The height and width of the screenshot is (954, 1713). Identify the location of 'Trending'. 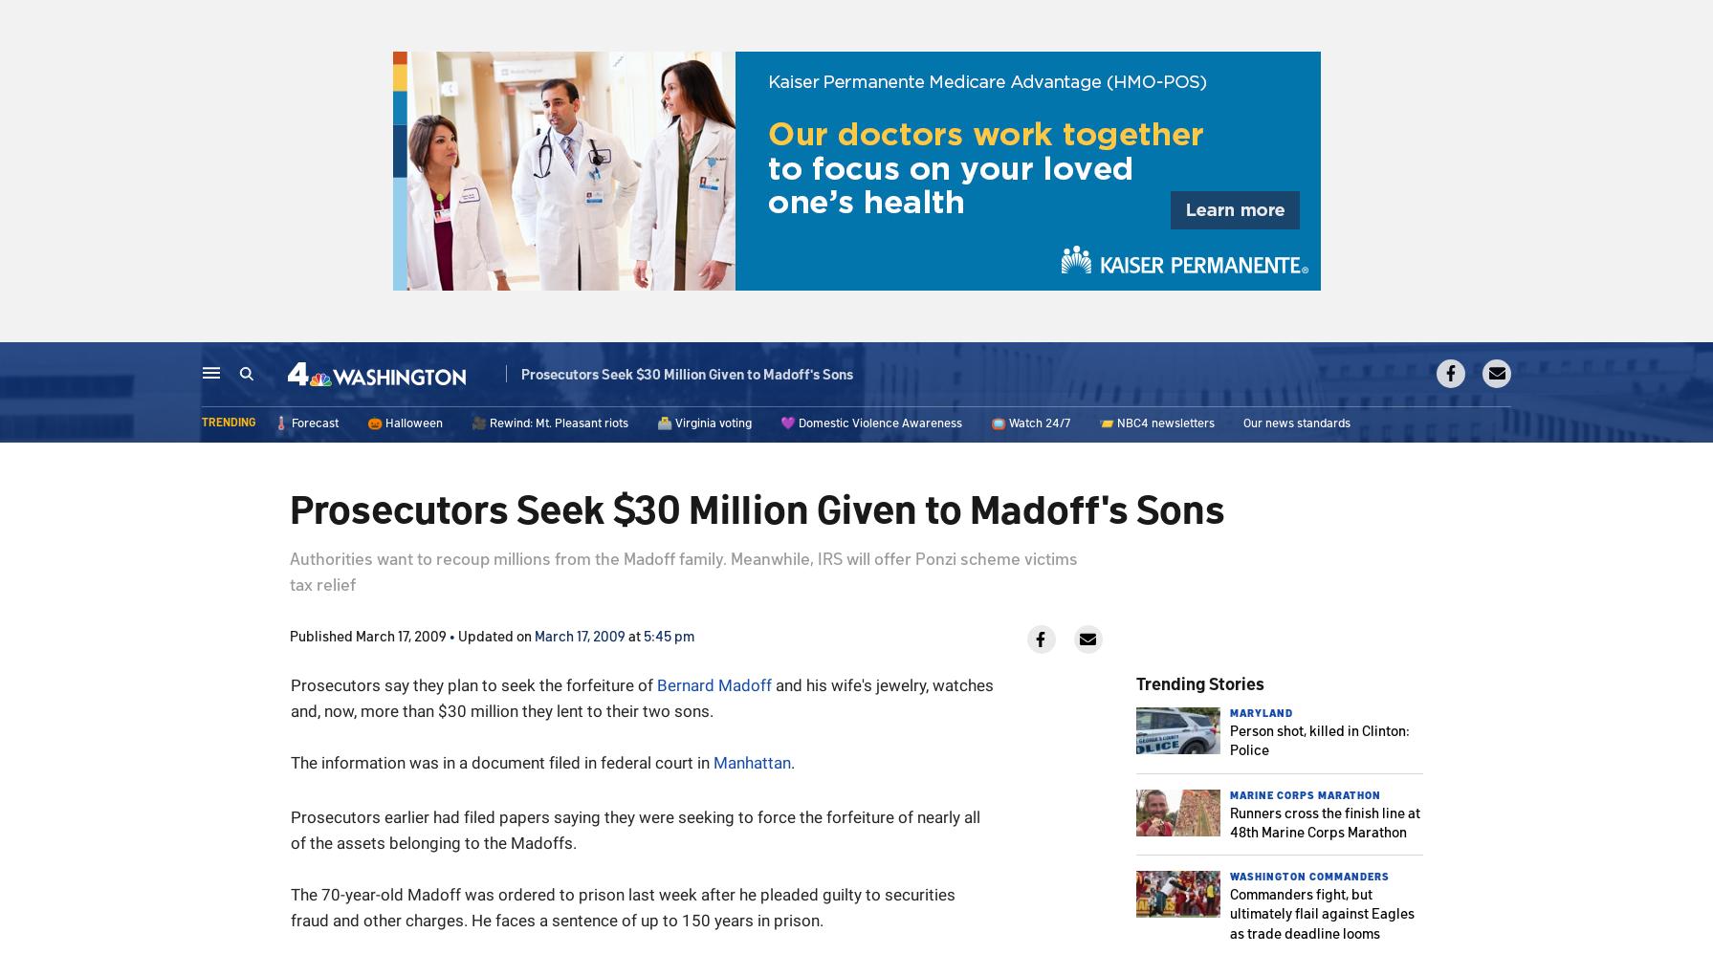
(228, 423).